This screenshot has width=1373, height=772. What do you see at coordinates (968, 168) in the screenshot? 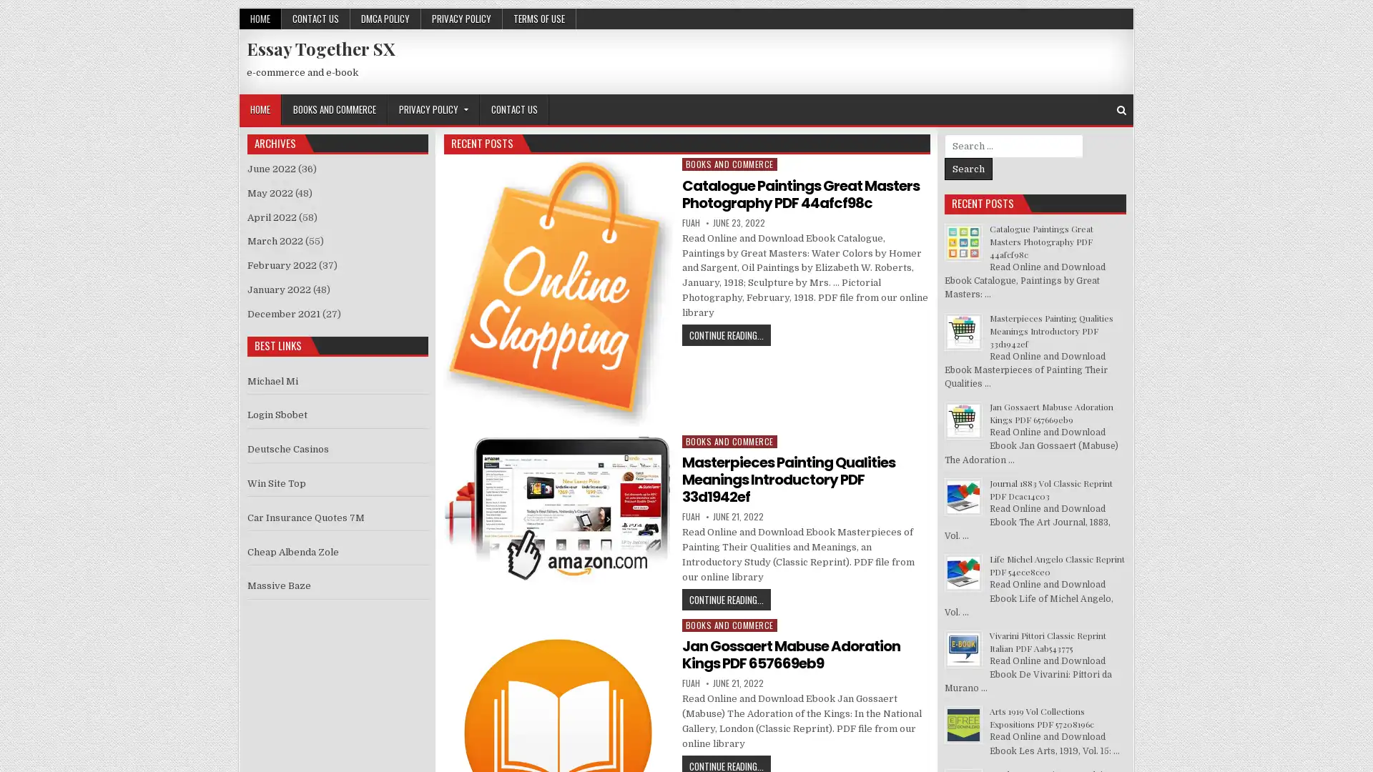
I see `Search` at bounding box center [968, 168].